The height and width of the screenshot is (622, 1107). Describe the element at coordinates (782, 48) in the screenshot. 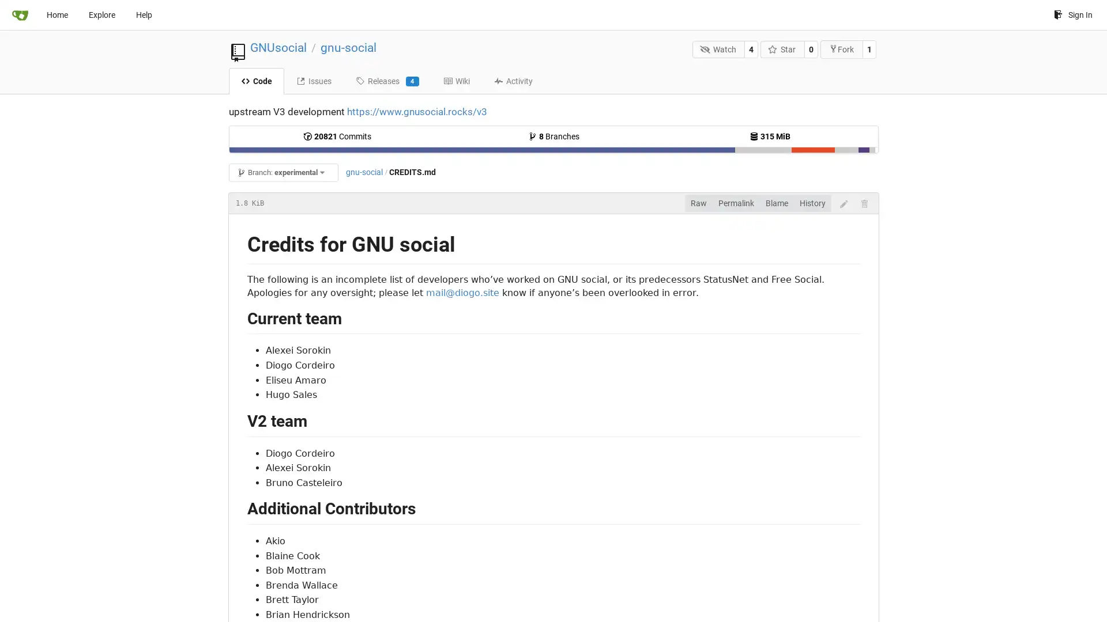

I see `Star` at that location.